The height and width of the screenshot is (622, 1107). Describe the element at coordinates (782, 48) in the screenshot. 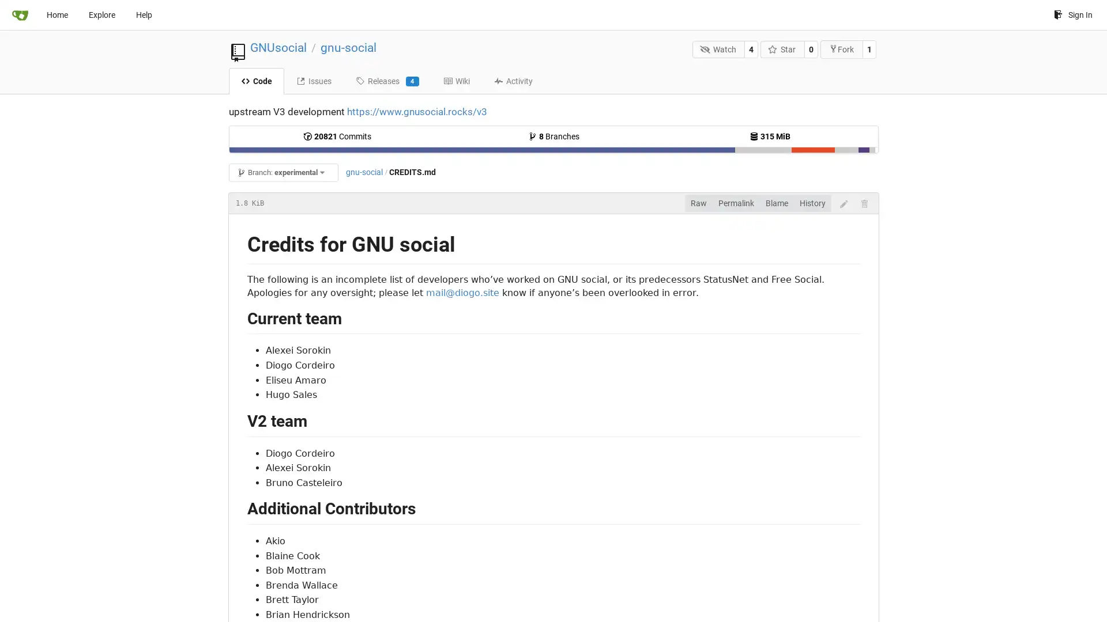

I see `Star` at that location.